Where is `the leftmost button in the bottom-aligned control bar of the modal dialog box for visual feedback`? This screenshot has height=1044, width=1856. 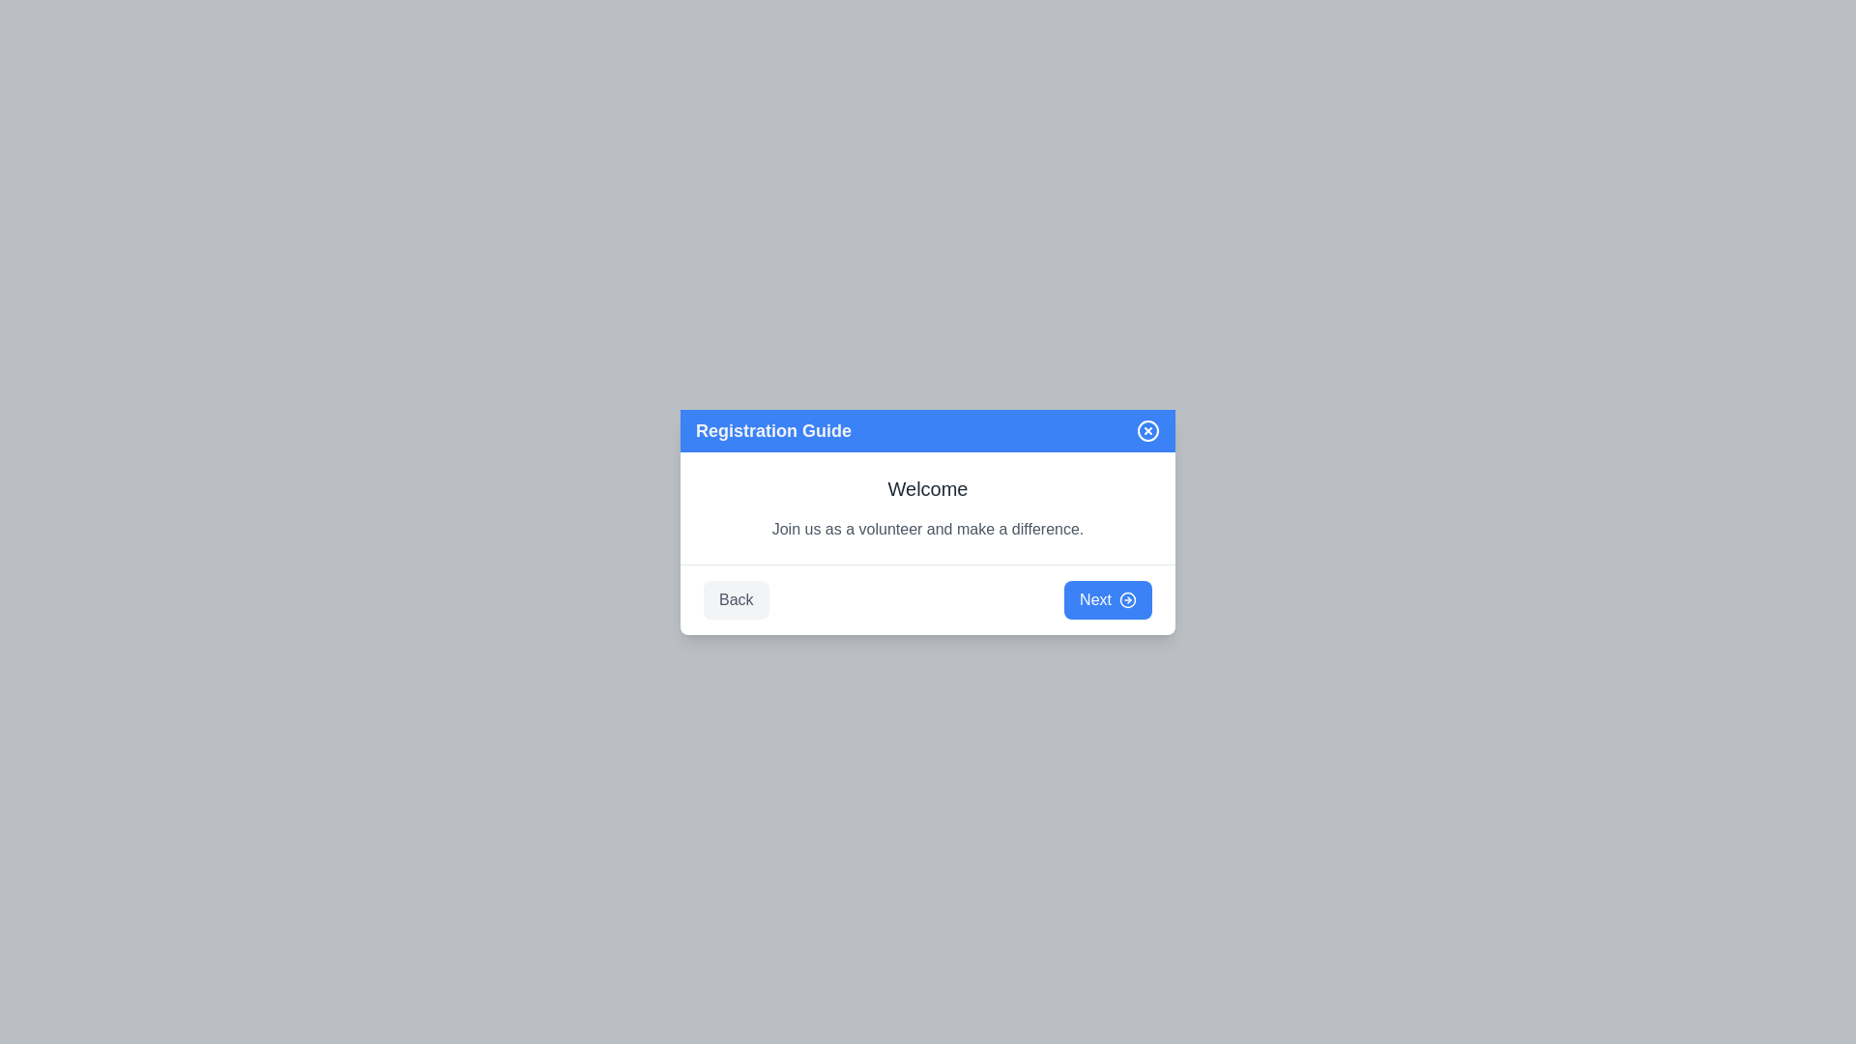
the leftmost button in the bottom-aligned control bar of the modal dialog box for visual feedback is located at coordinates (735, 598).